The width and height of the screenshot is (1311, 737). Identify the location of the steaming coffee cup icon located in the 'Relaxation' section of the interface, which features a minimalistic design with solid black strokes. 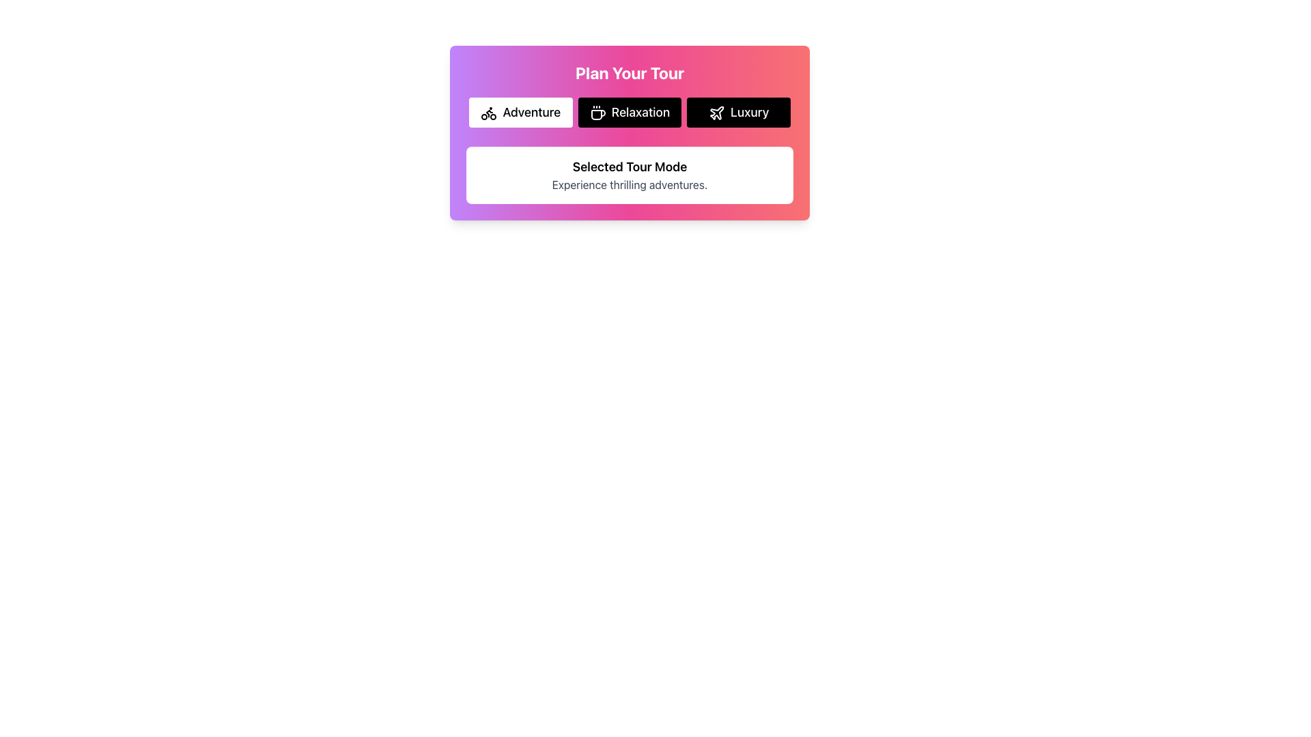
(598, 114).